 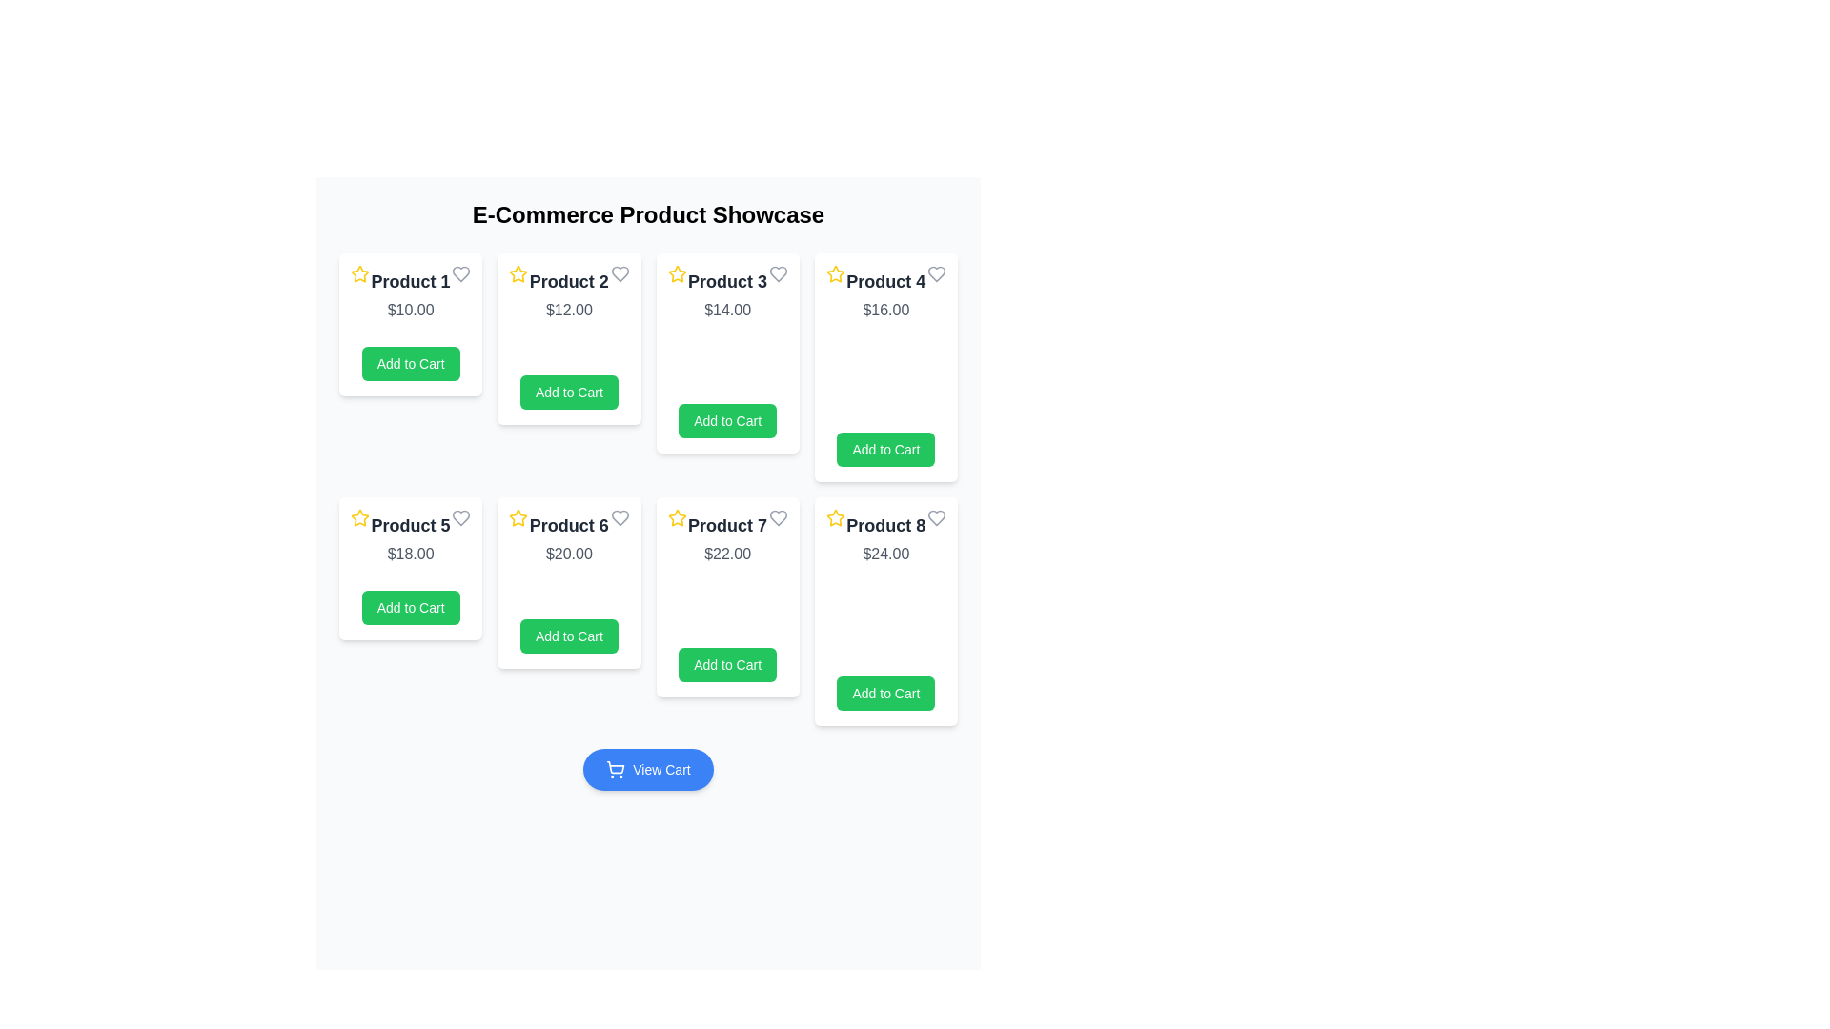 I want to click on text displayed in the price label located below the product title 'Product 4' and above the 'Add to Cart' button in the fourth product card of the first row, so click(x=884, y=310).